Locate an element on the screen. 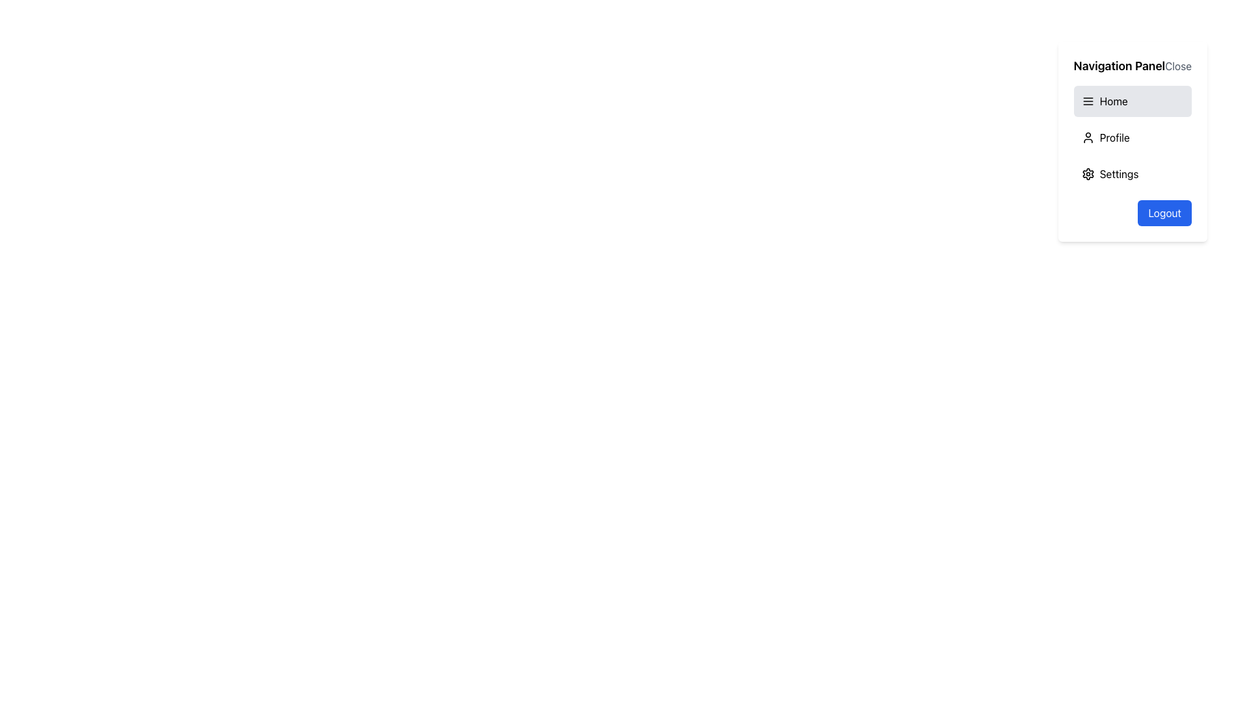 This screenshot has width=1249, height=702. the text label indicating the functionality to close the navigation panel, located in the top-right corner of the navigation panel is located at coordinates (1178, 66).